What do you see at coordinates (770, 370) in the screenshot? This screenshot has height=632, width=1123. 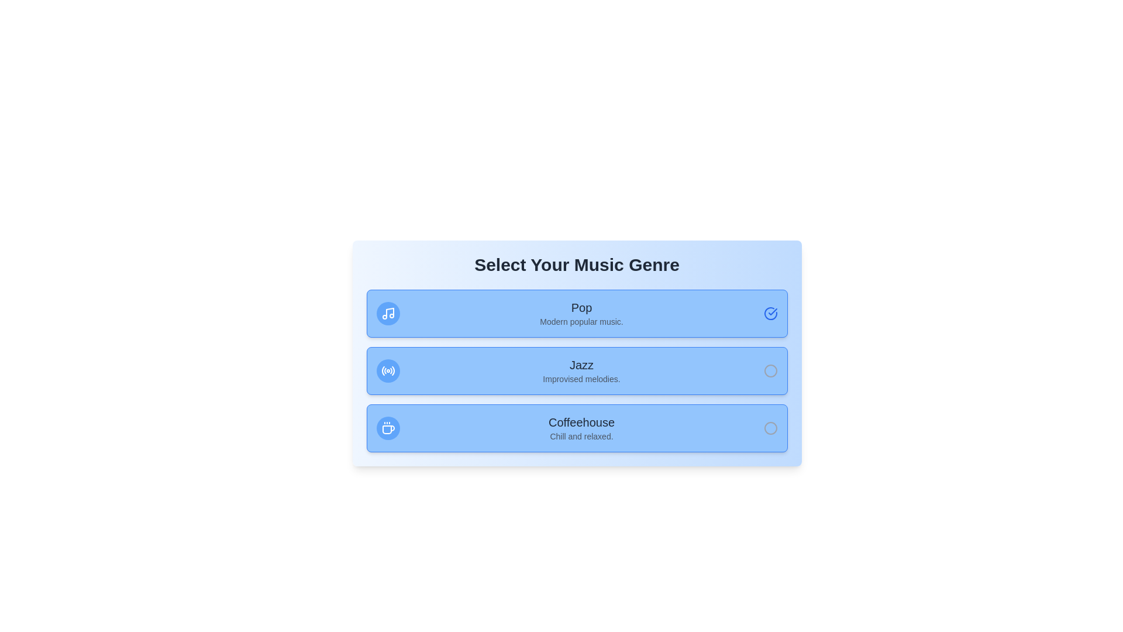 I see `the visual indicator associated with the 'Jazz' option in the music genres list to possibly trigger a tooltip` at bounding box center [770, 370].